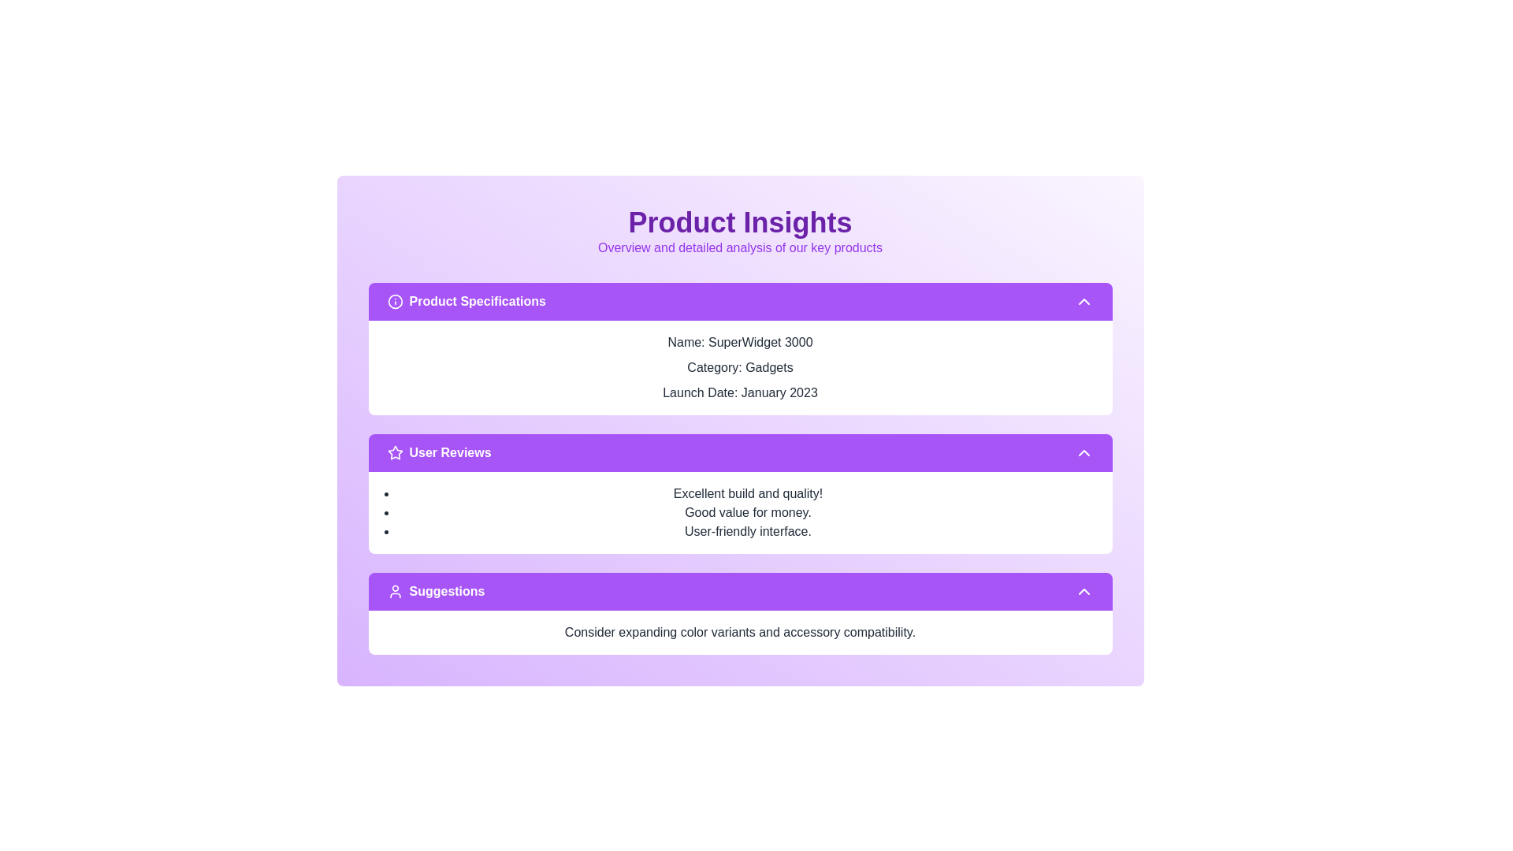 This screenshot has height=851, width=1513. Describe the element at coordinates (747, 513) in the screenshot. I see `the second item in the 'User Reviews' section that highlights the product's affordability, located between 'Excellent build and quality!' and 'User-friendly interface.'` at that location.